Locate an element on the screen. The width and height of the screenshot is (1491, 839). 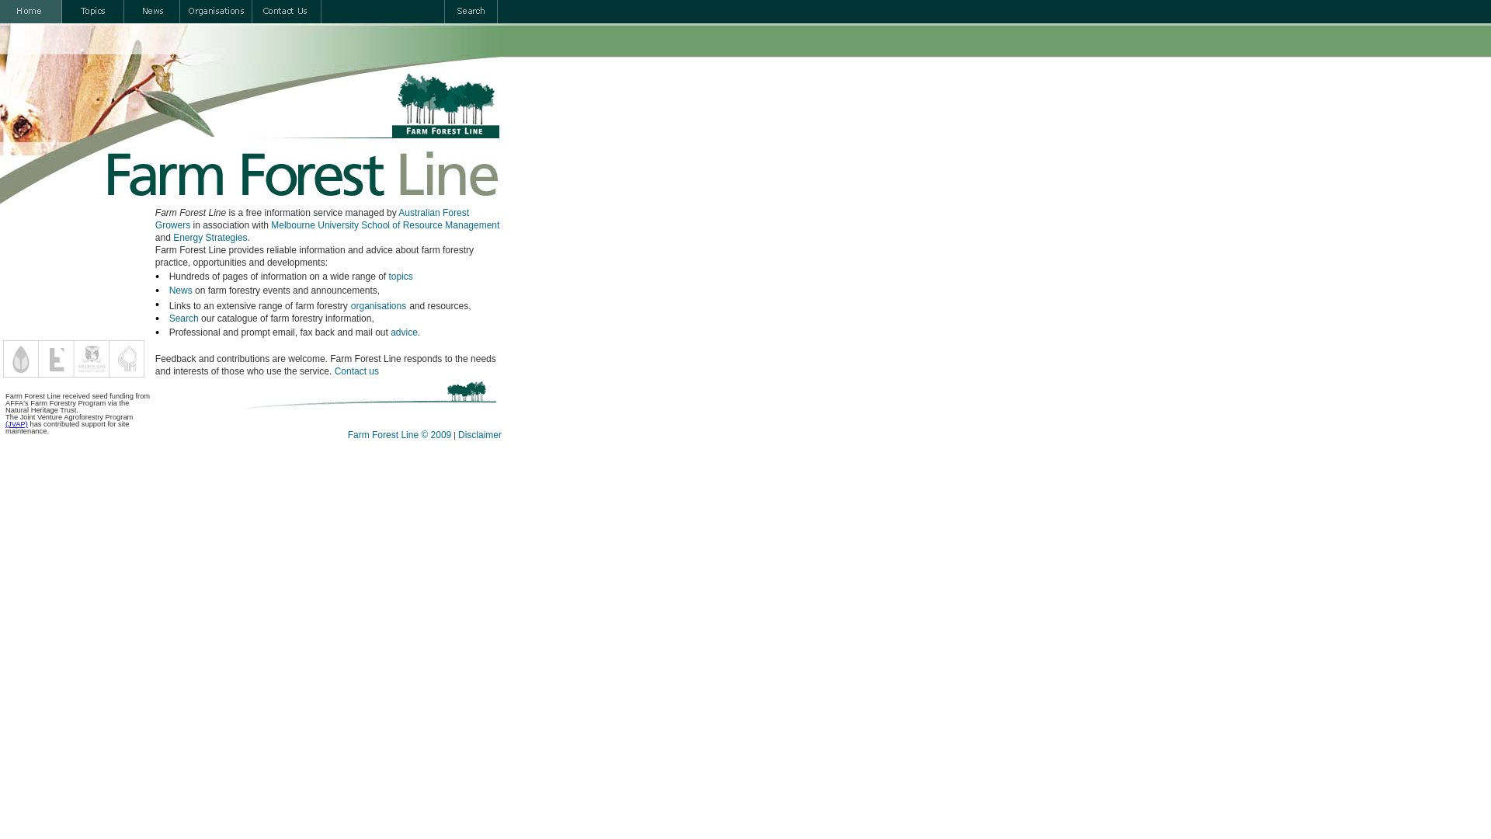
'Melbourne University School of Resource Management' is located at coordinates (271, 225).